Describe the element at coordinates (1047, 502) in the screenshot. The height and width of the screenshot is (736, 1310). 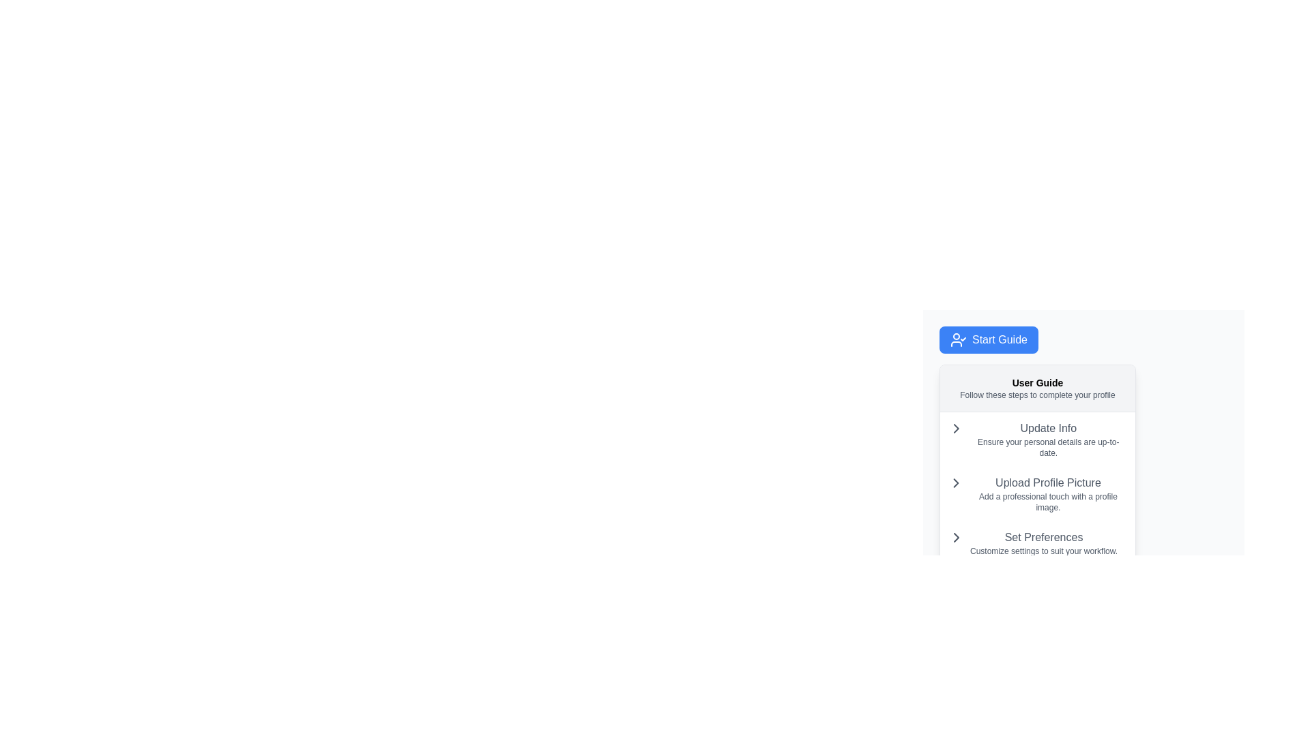
I see `information from the text label that says 'Add a professional touch with a profile image.' located below 'Upload Profile Picture' in the 'User Guide' section` at that location.